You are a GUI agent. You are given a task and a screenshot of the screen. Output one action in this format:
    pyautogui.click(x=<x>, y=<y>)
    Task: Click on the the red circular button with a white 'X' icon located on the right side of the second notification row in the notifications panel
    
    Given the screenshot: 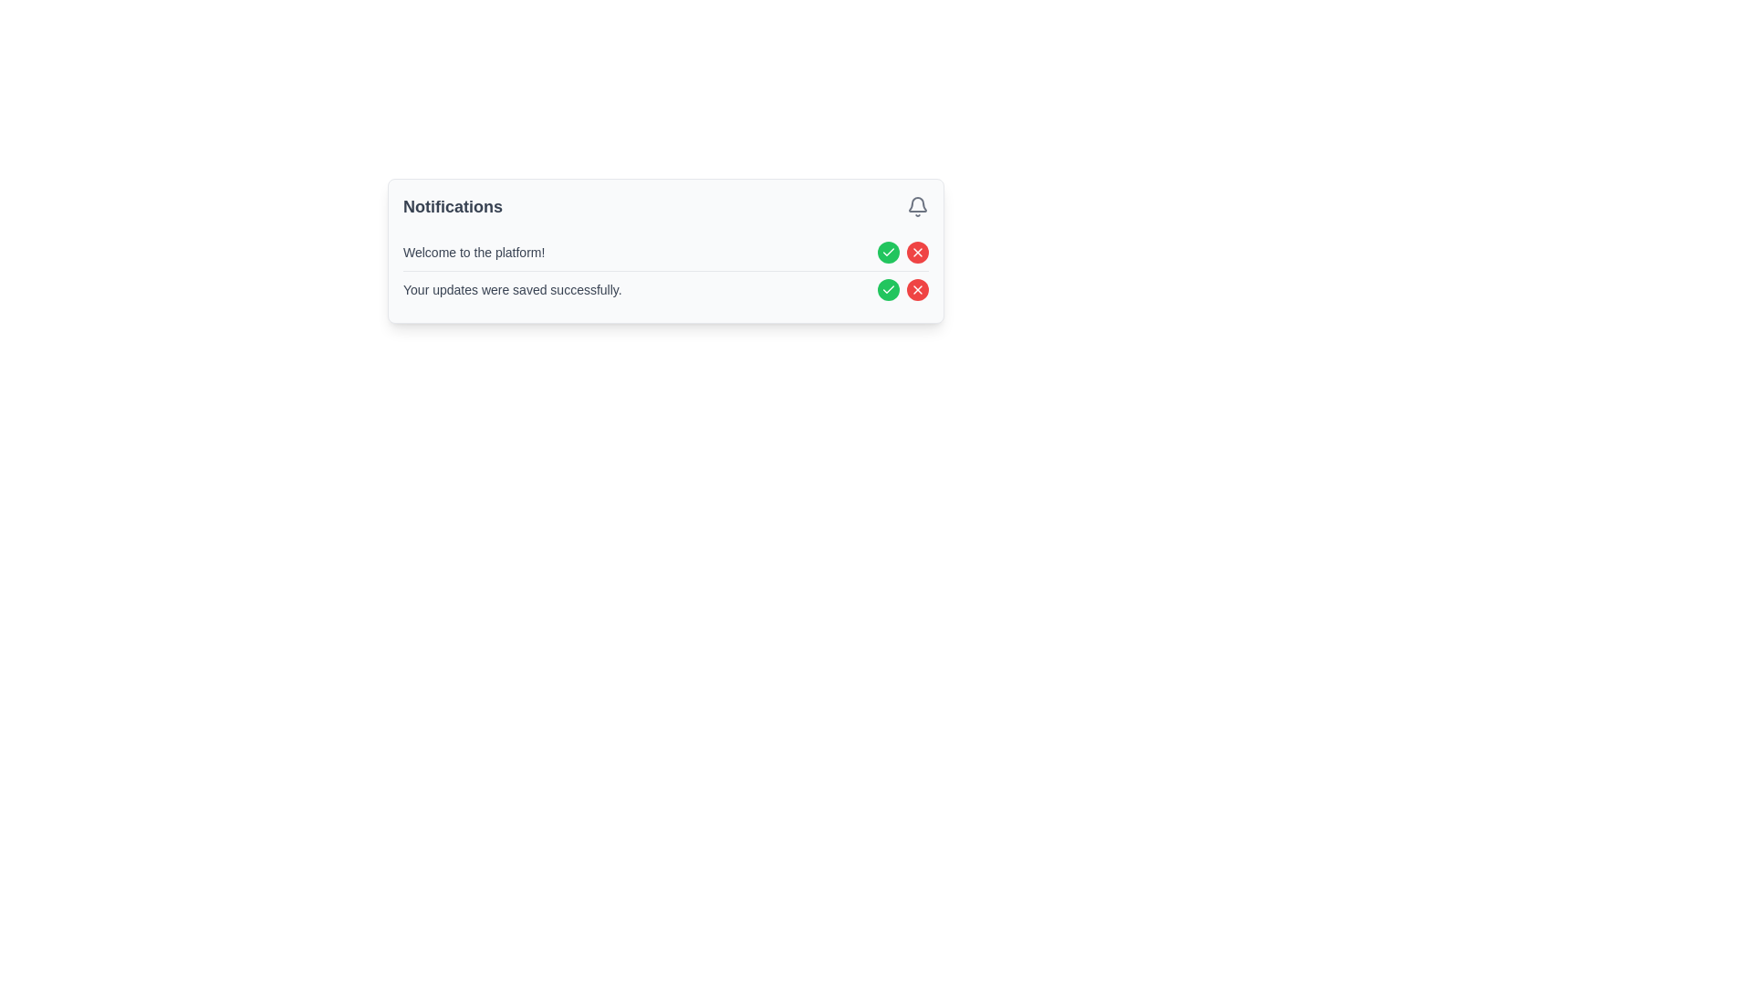 What is the action you would take?
    pyautogui.click(x=918, y=253)
    